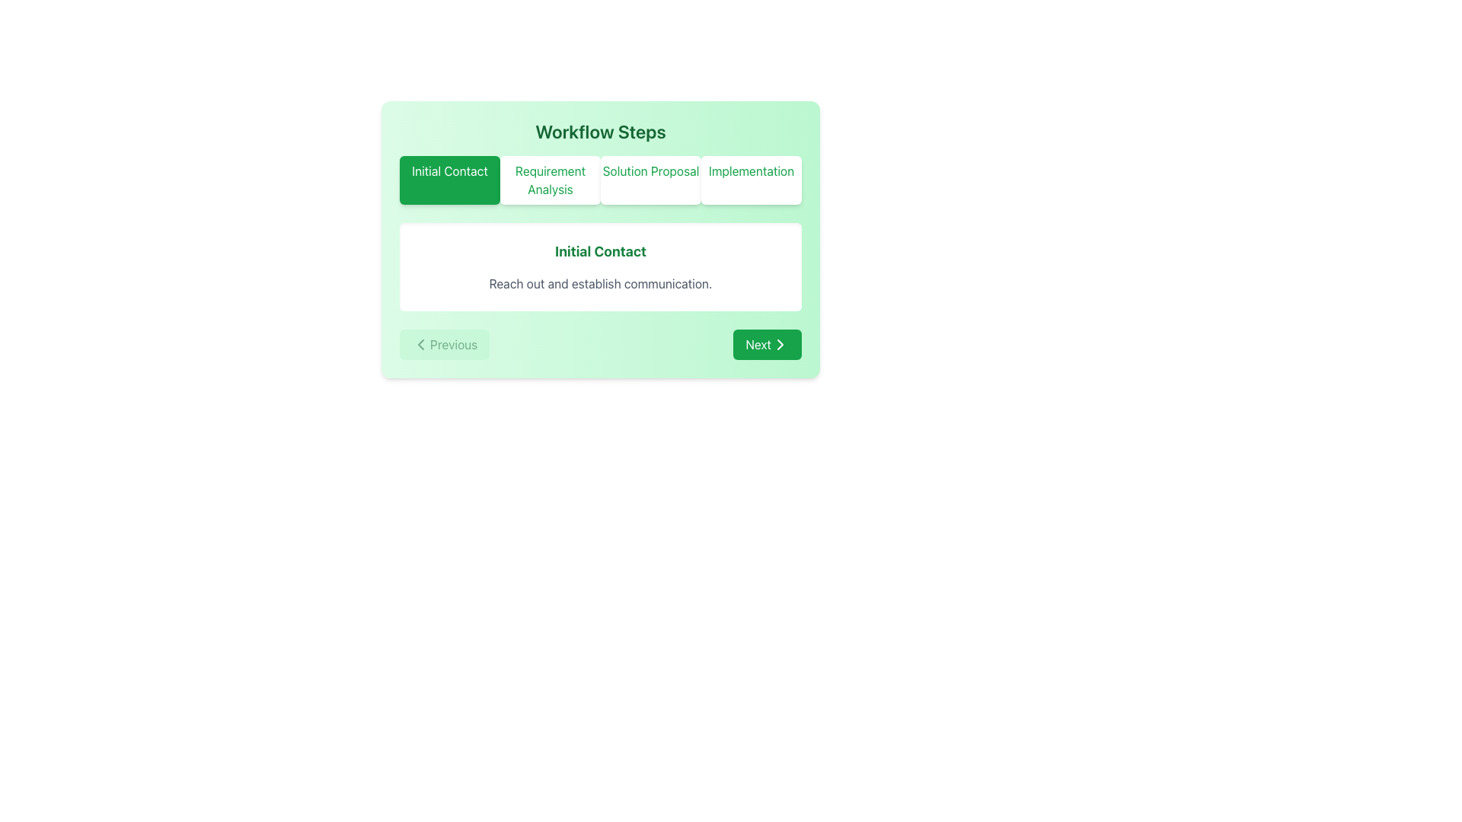 This screenshot has width=1462, height=822. Describe the element at coordinates (780, 344) in the screenshot. I see `the rightward arrow SVG icon located inside the green 'Next' button at the bottom right of the interface for a visual response` at that location.